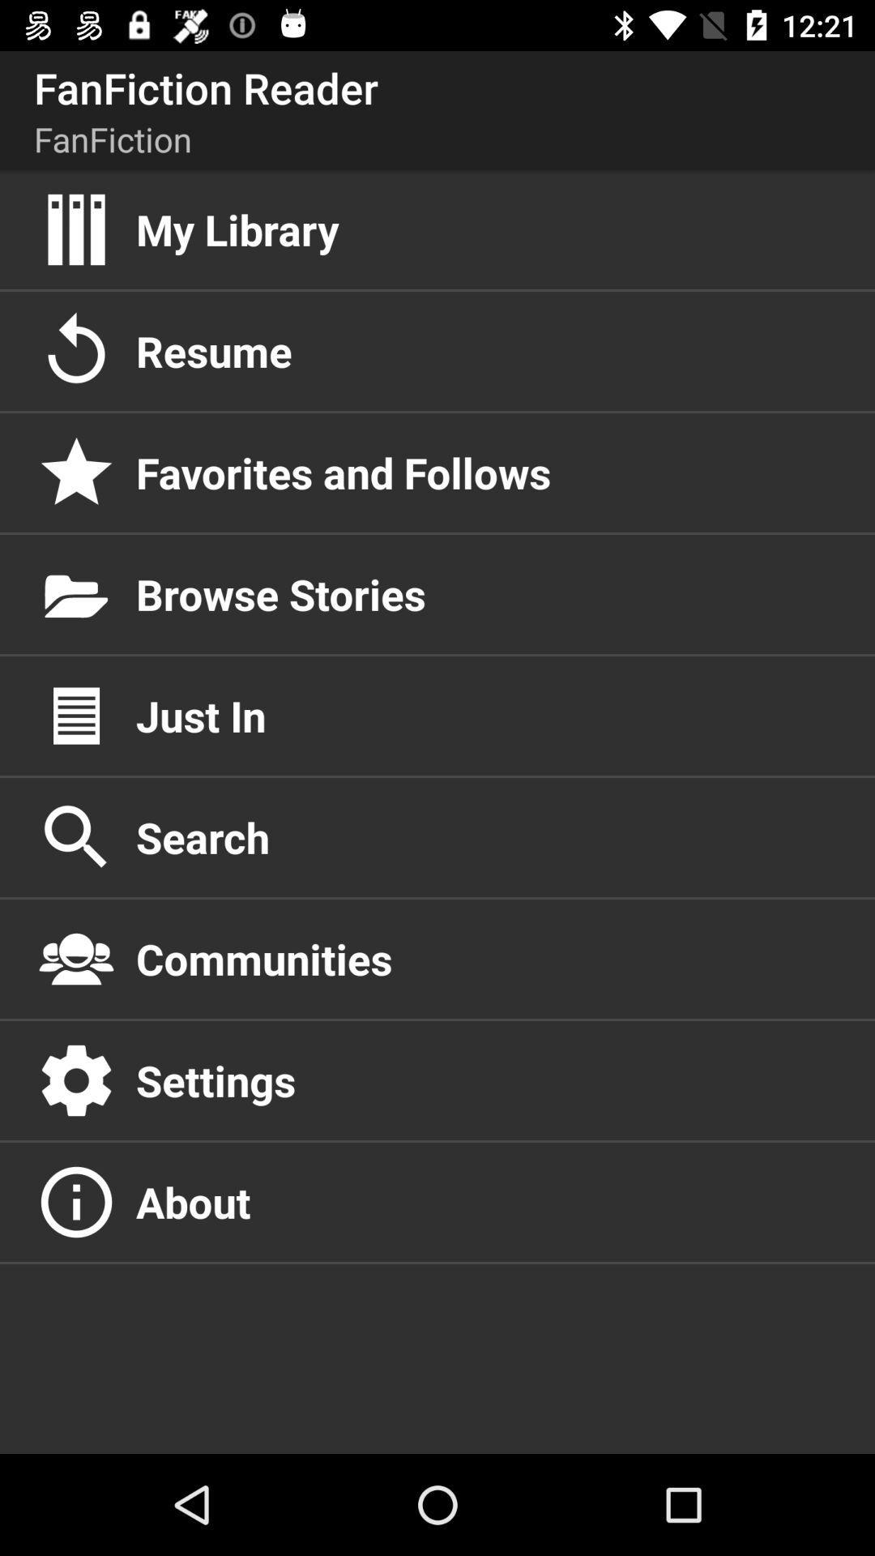 Image resolution: width=875 pixels, height=1556 pixels. What do you see at coordinates (487, 837) in the screenshot?
I see `the search icon` at bounding box center [487, 837].